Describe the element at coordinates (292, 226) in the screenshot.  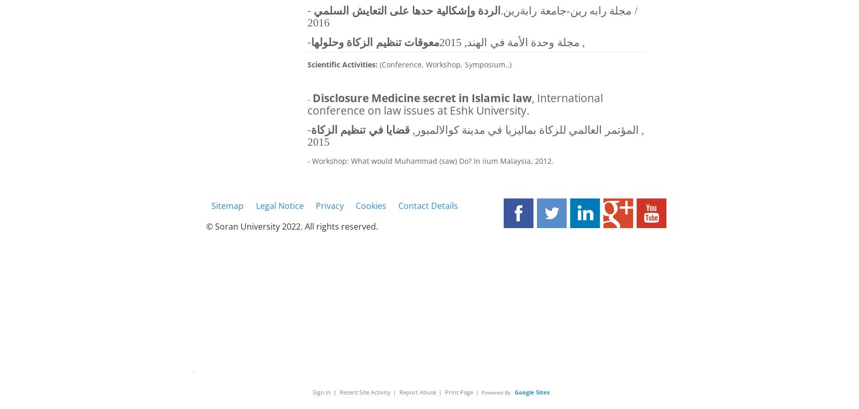
I see `'© Soran University 2022. All rights reserved.'` at that location.